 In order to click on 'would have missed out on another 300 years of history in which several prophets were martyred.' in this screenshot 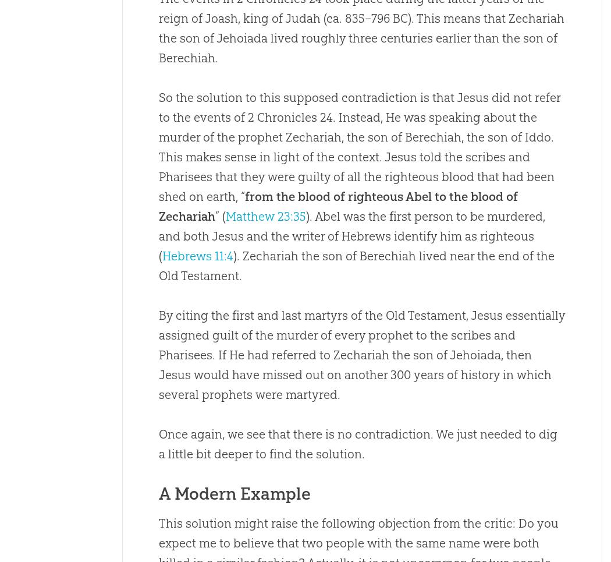, I will do `click(354, 384)`.